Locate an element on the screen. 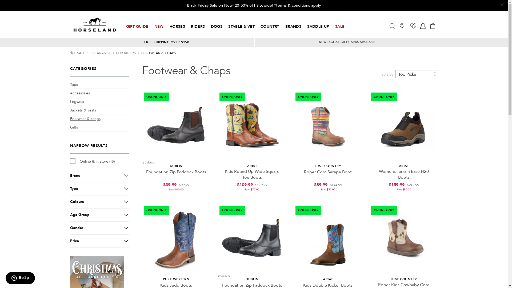 The image size is (512, 288). 'Womens Terrain Ease H20 Boots' is located at coordinates (404, 174).